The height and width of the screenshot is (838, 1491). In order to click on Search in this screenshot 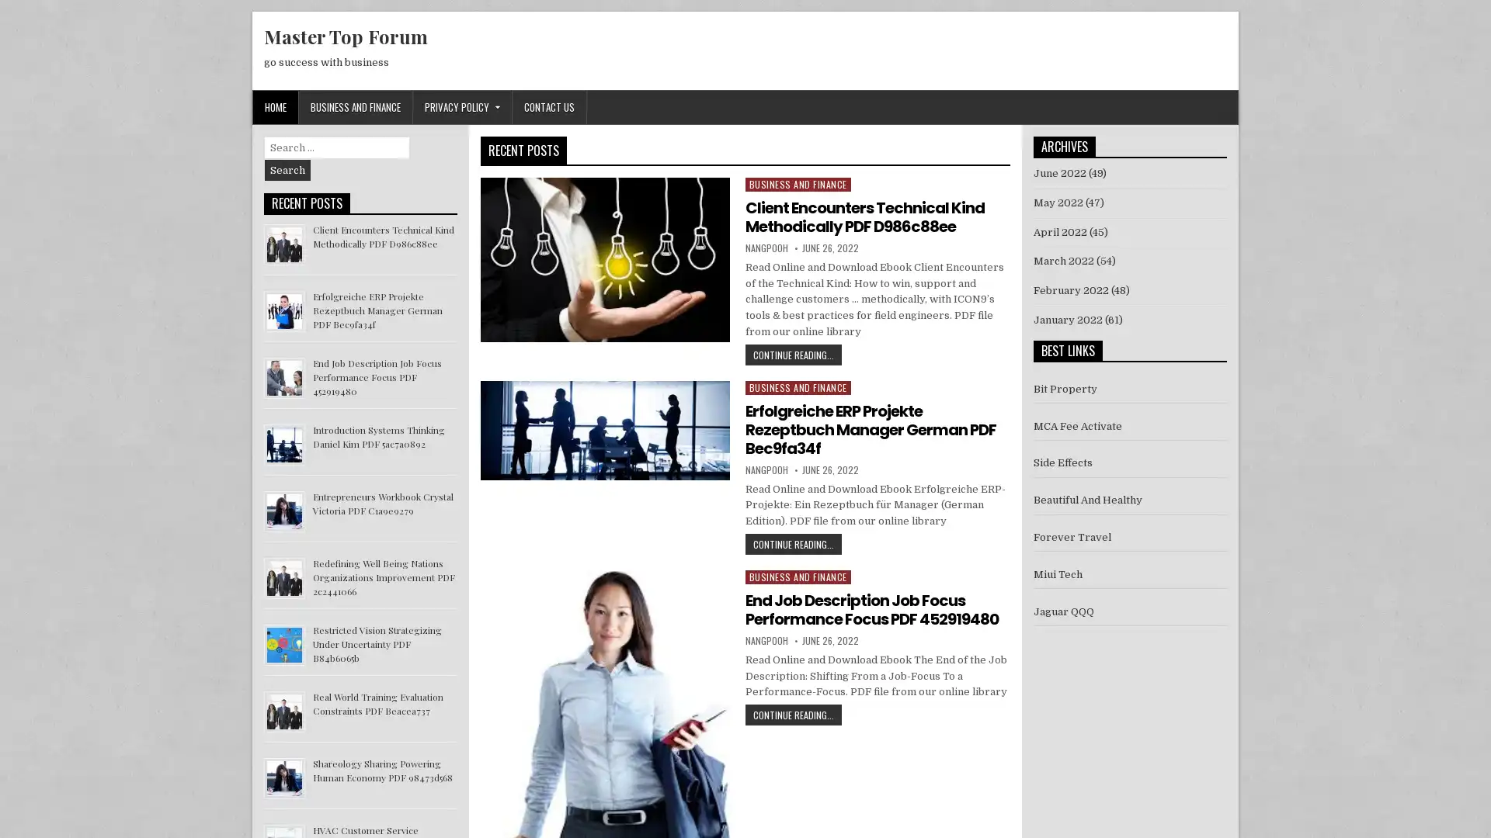, I will do `click(287, 170)`.